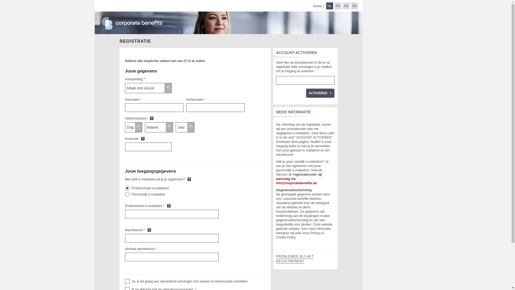 The image size is (515, 290). What do you see at coordinates (329, 6) in the screenshot?
I see `'NL'` at bounding box center [329, 6].